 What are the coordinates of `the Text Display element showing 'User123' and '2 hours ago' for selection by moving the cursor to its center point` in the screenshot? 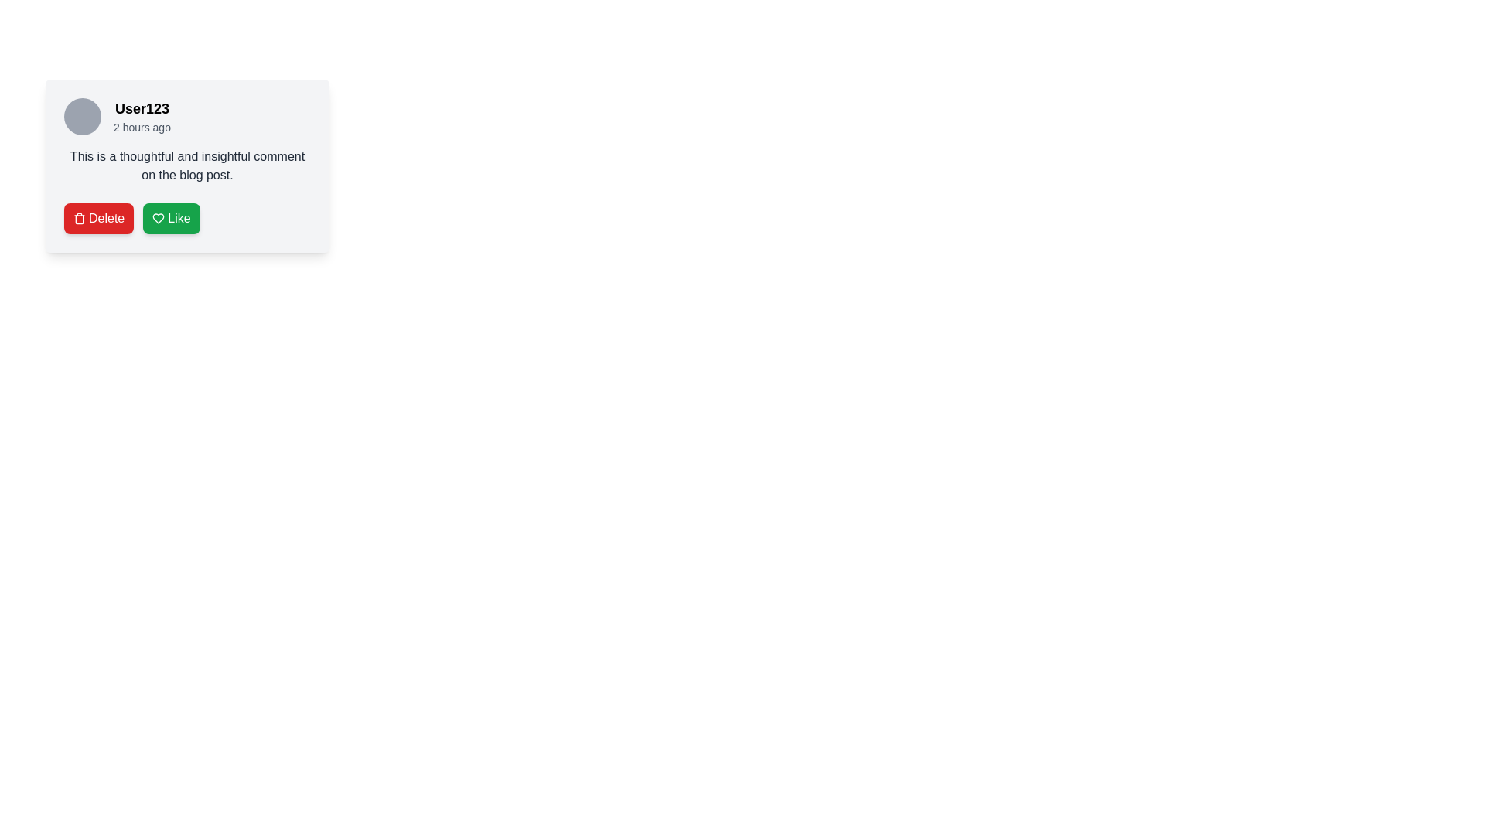 It's located at (142, 115).